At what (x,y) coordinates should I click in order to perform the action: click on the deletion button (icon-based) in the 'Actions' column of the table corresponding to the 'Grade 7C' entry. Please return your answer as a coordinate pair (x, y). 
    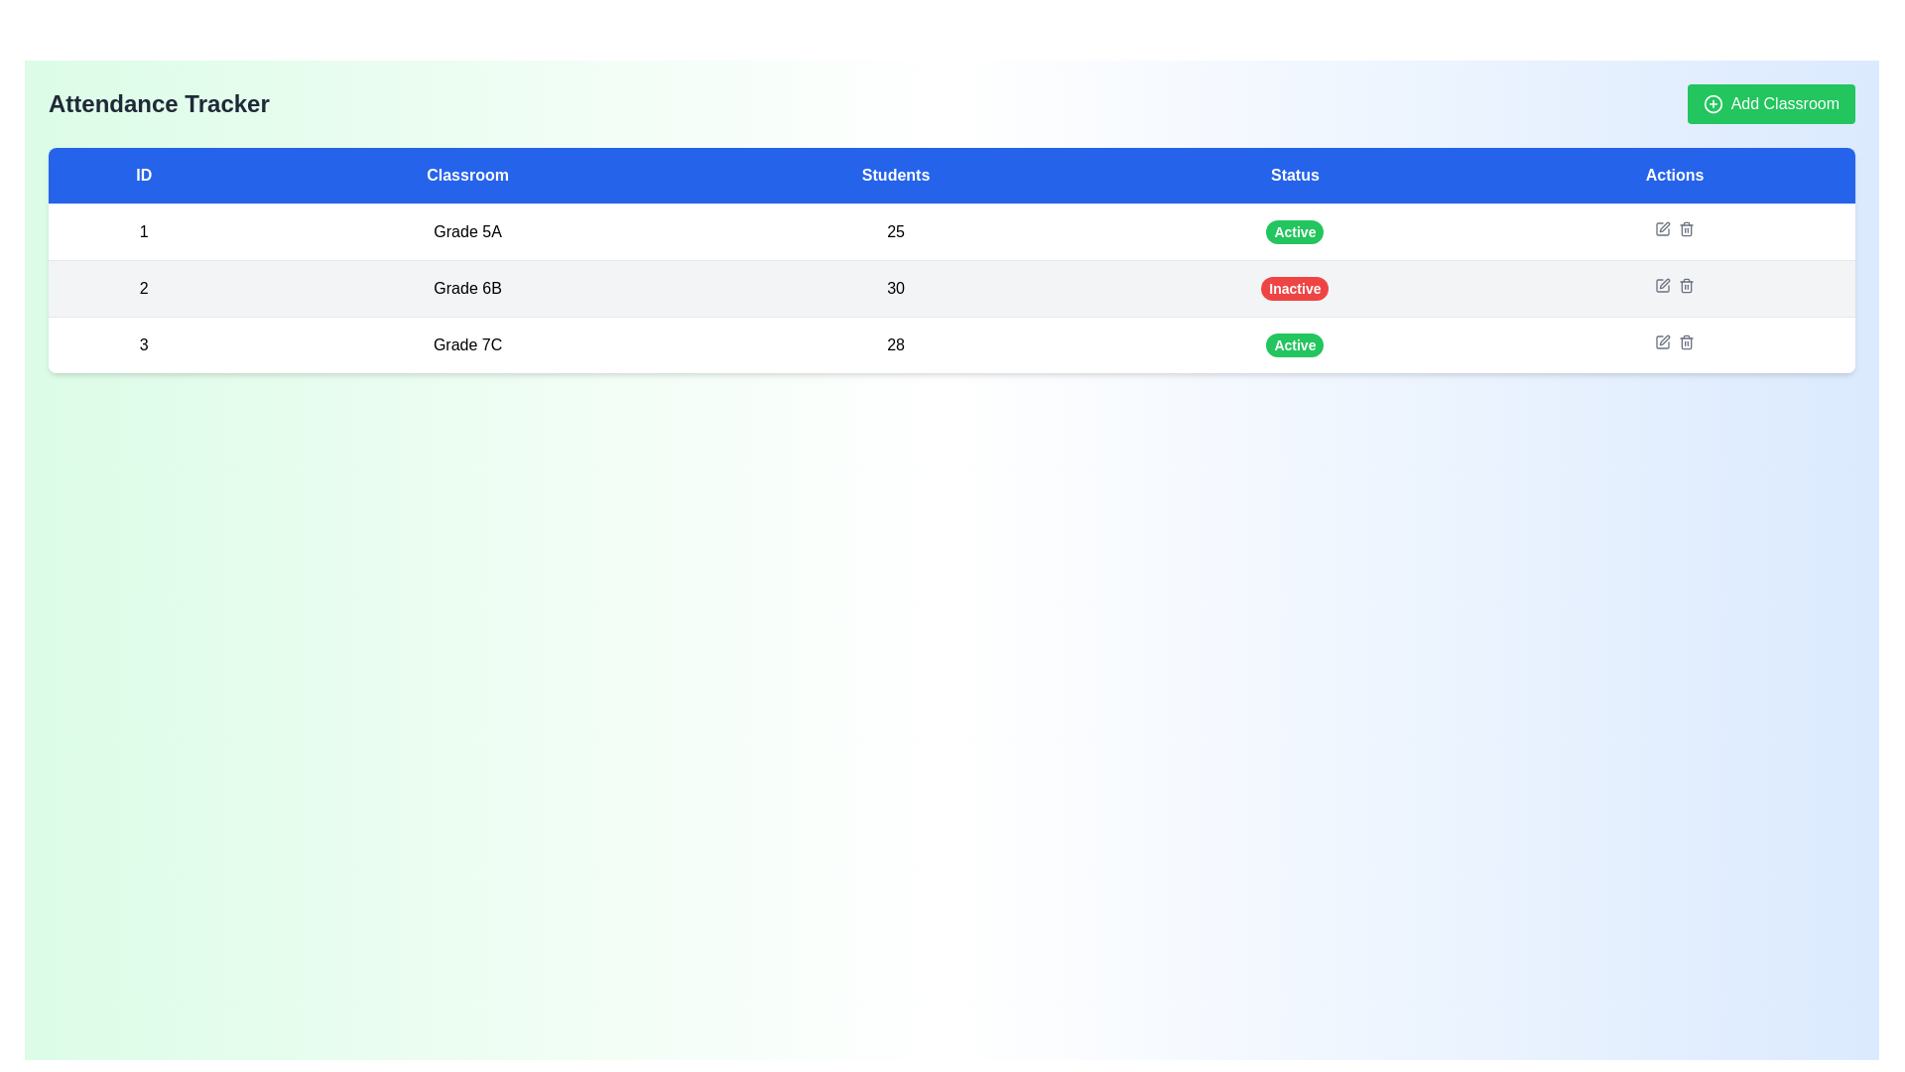
    Looking at the image, I should click on (1685, 340).